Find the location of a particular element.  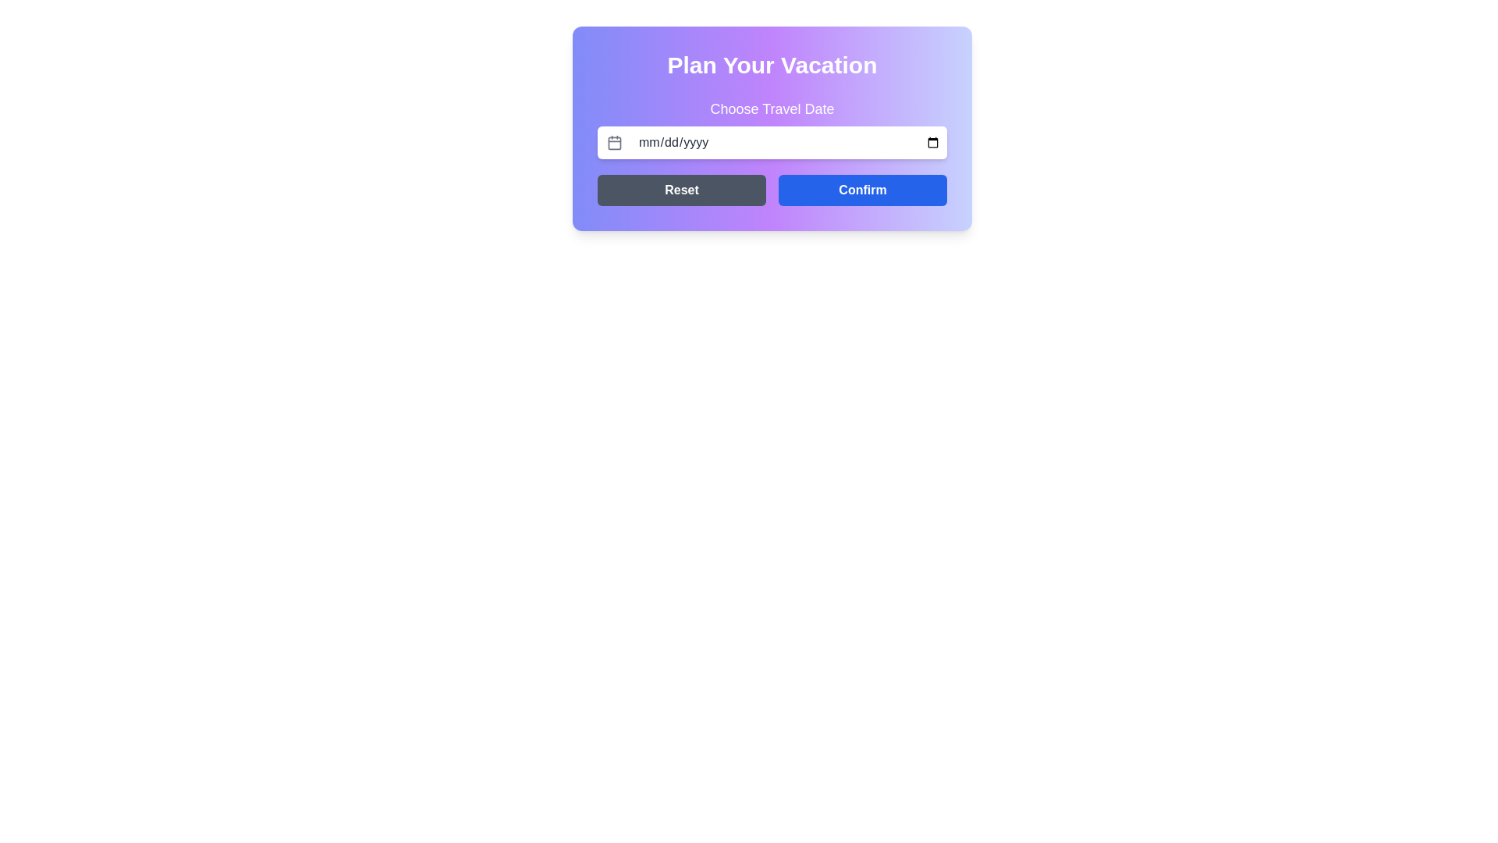

the calendar-shaped icon located on the left side of the date input field, which features a rectangular form with rounded edges and resembles the top of a calendar is located at coordinates (613, 142).